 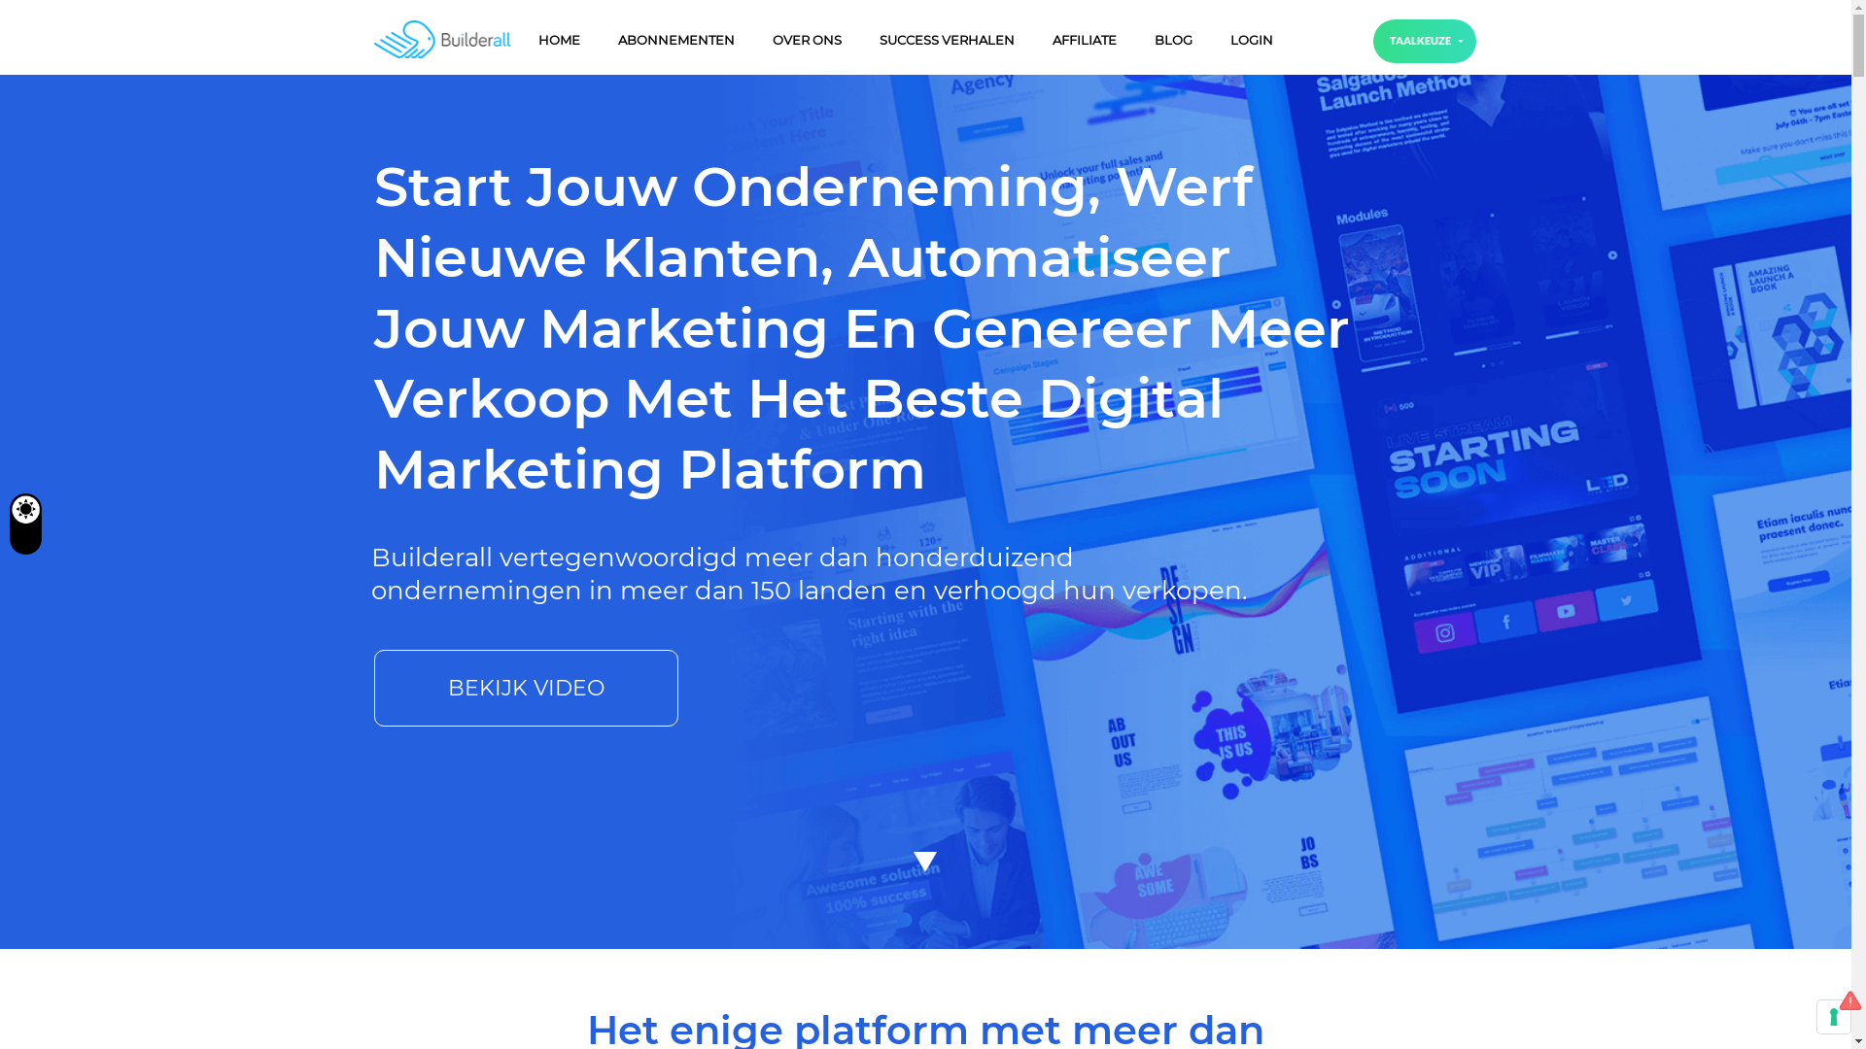 What do you see at coordinates (676, 40) in the screenshot?
I see `'ABONNEMENTEN'` at bounding box center [676, 40].